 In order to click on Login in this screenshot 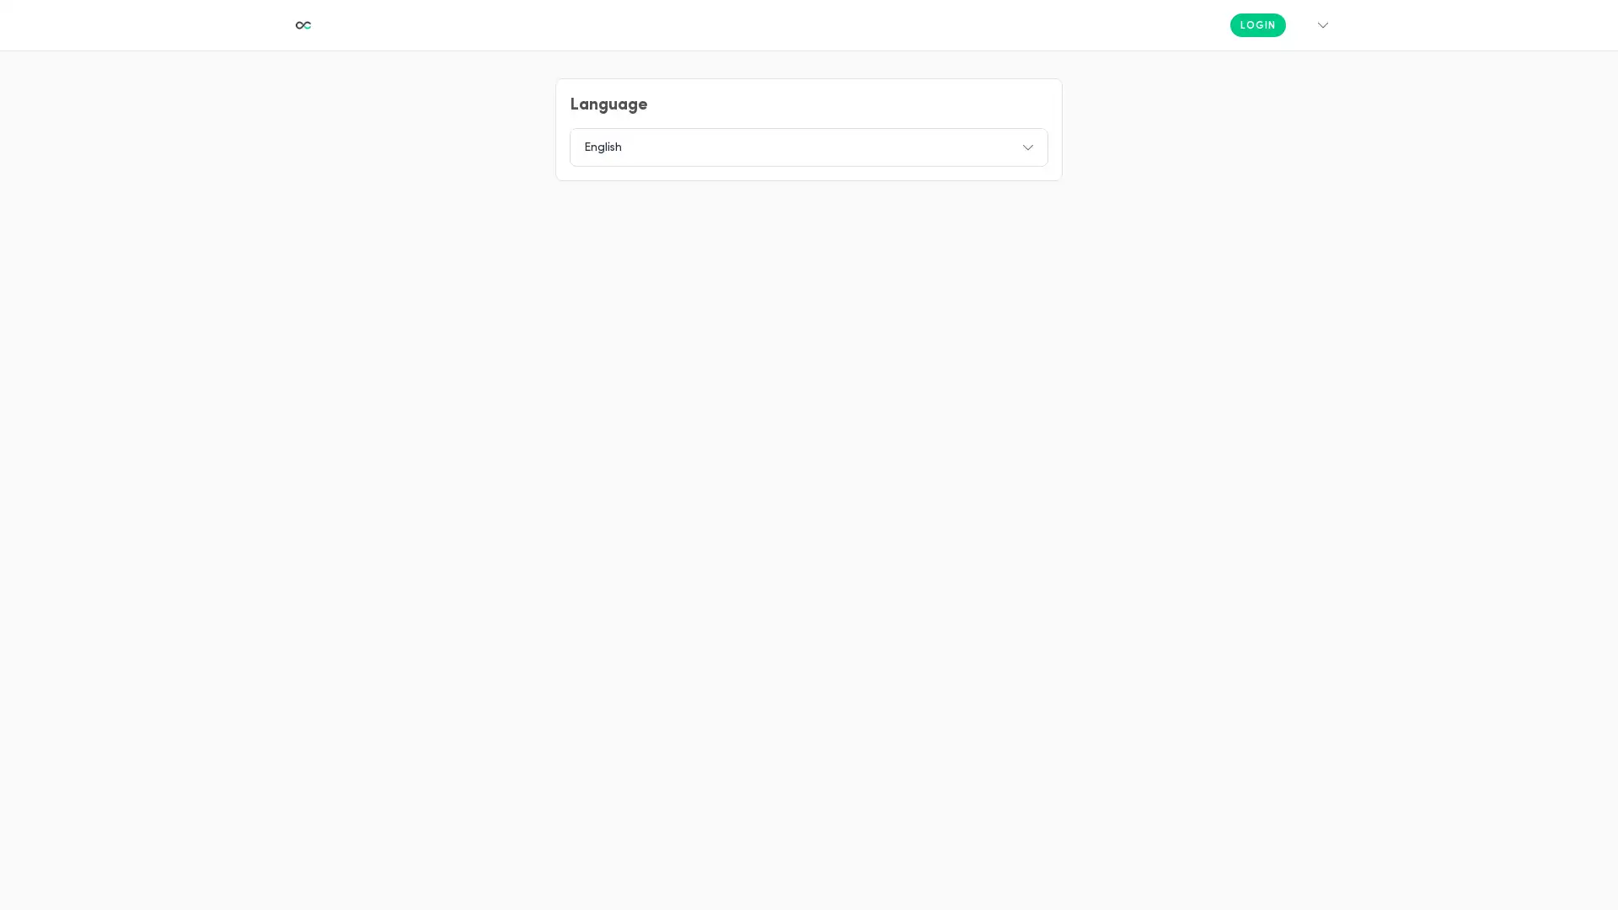, I will do `click(1257, 25)`.